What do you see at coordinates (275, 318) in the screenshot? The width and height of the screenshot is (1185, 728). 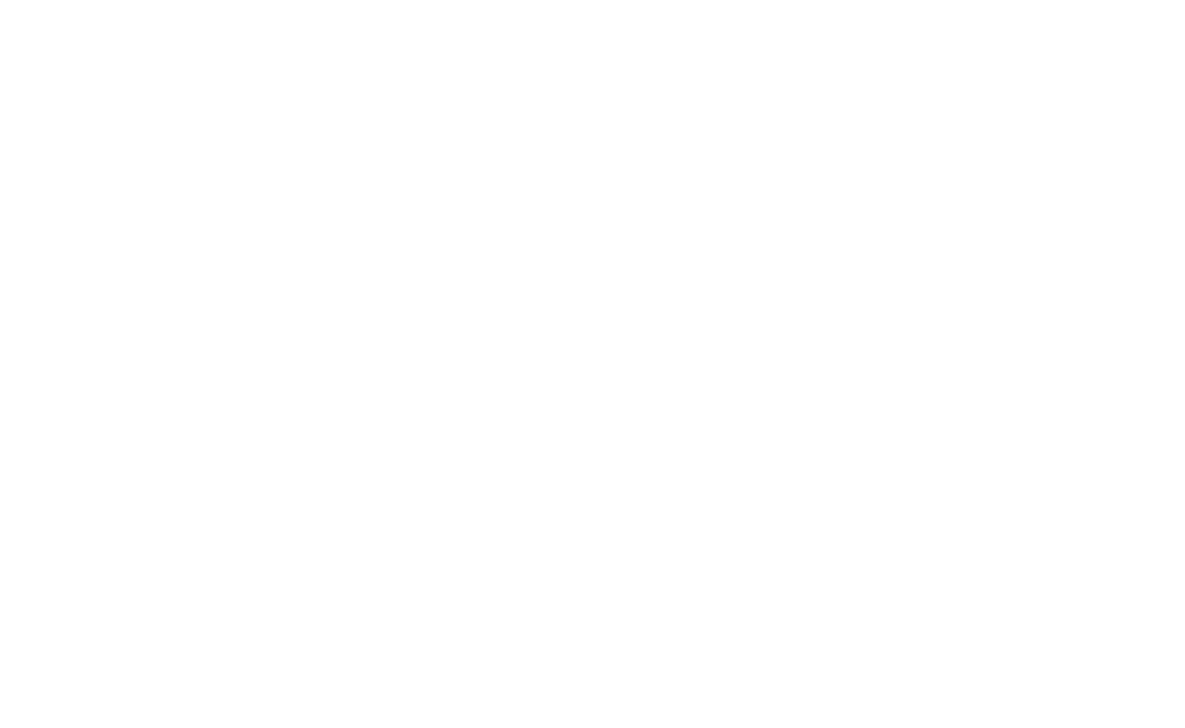 I see `'Henrik Lundqvist – A First-Ballot and First-Class Hall of Famer'` at bounding box center [275, 318].